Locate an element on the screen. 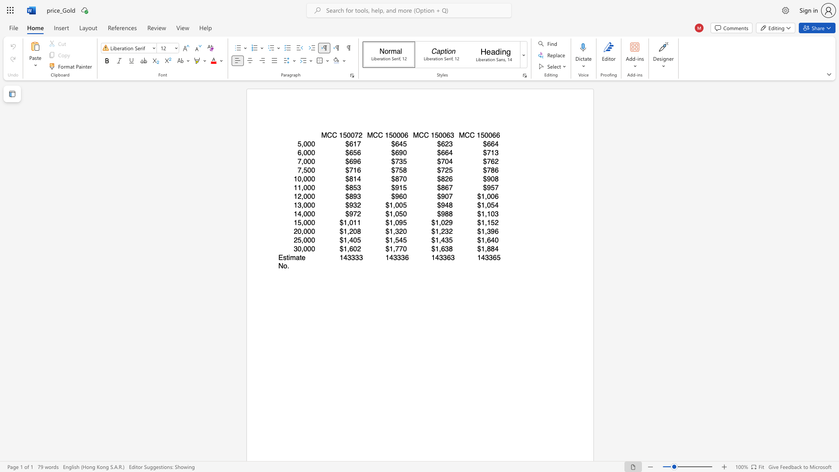  the subset text "150006" within the text "MCC 150006" is located at coordinates (385, 135).